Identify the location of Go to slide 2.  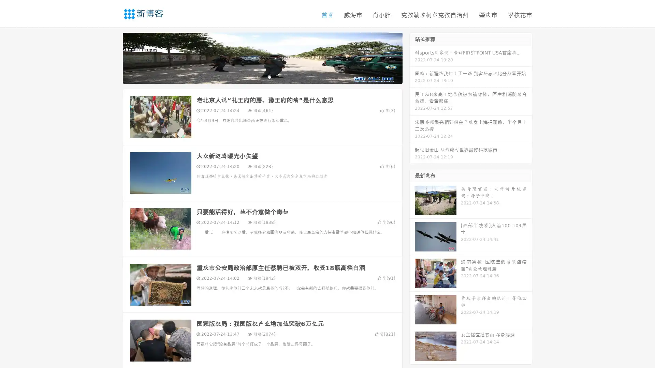
(262, 77).